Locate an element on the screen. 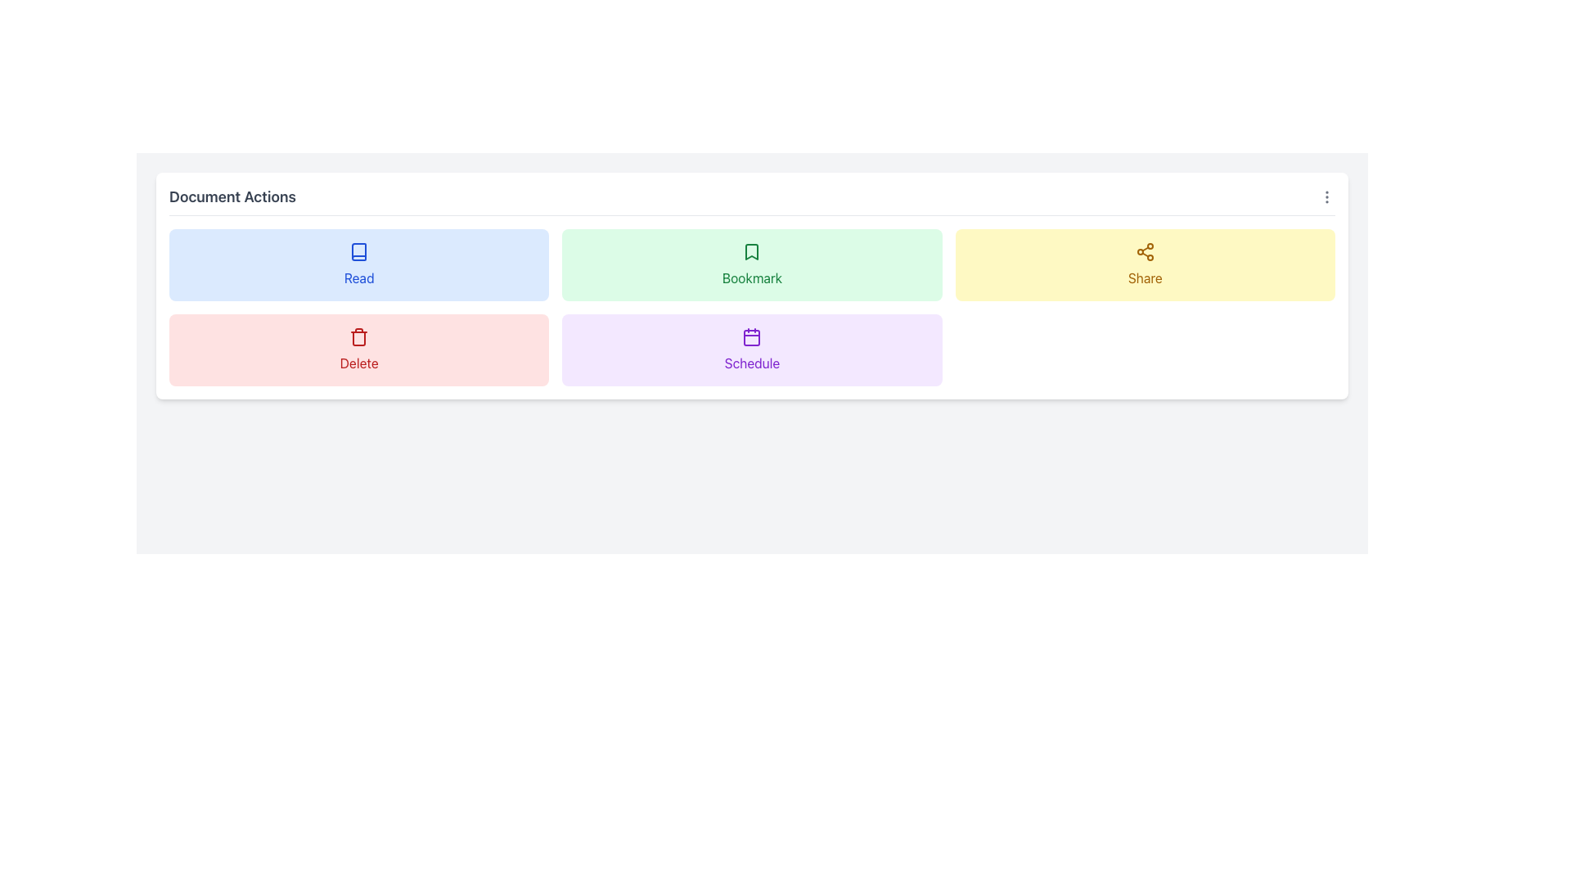 The width and height of the screenshot is (1571, 884). the red trashcan icon located centrally inside the 'Delete' button is located at coordinates (358, 336).